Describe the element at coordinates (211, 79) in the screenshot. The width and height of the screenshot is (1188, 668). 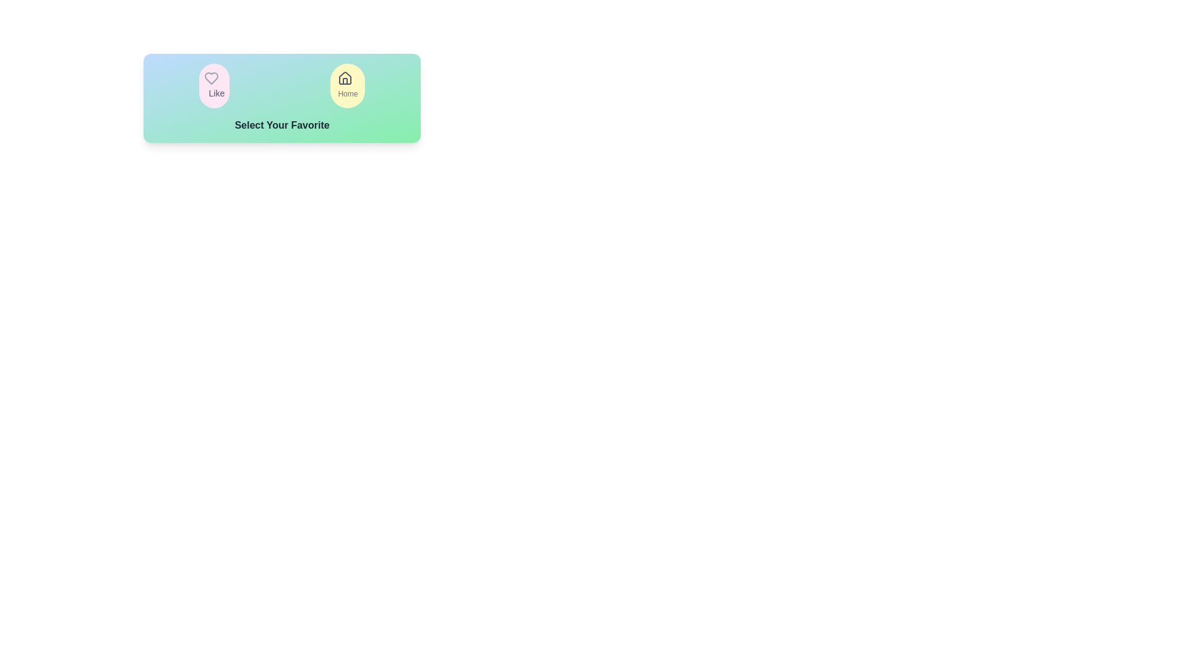
I see `the heart-shaped like icon located on the pink circular button at the top-left corner of the interface, which is labeled 'Like', in a drag-and-drop action` at that location.